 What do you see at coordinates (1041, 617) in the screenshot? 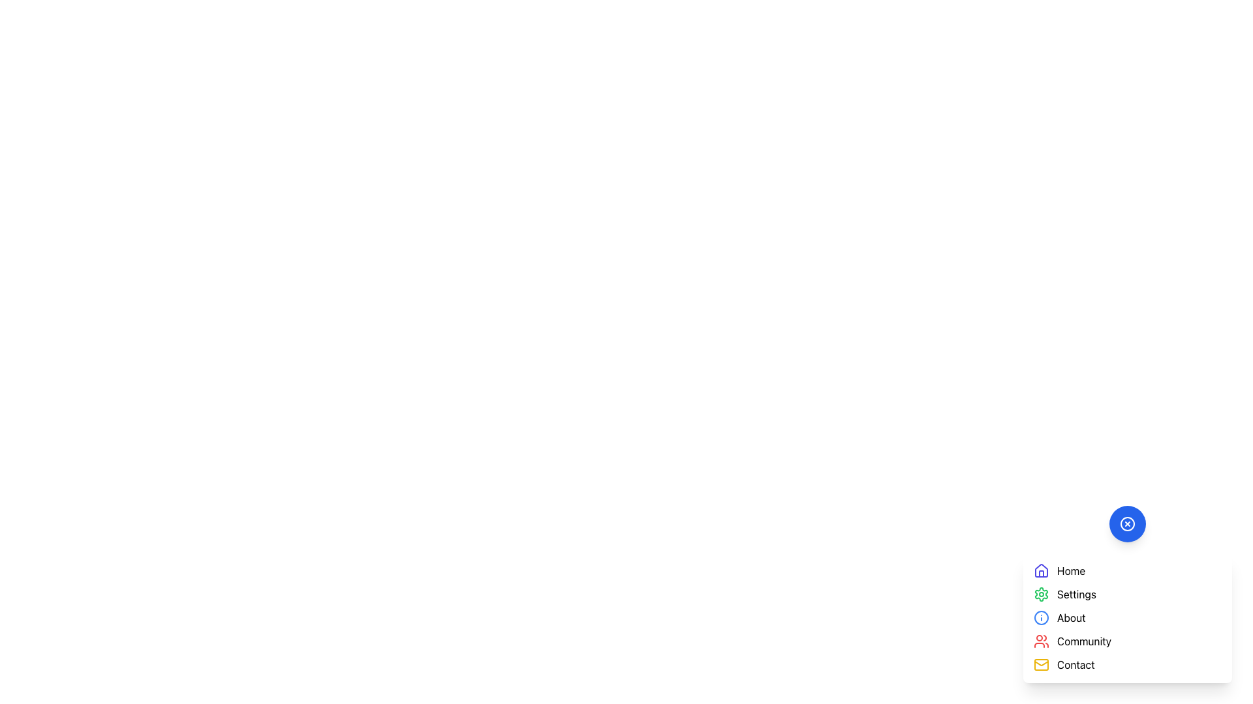
I see `styling of the blue round stroke circle that serves as the background of the floating action button, located at the bottom-right corner of the main interface` at bounding box center [1041, 617].